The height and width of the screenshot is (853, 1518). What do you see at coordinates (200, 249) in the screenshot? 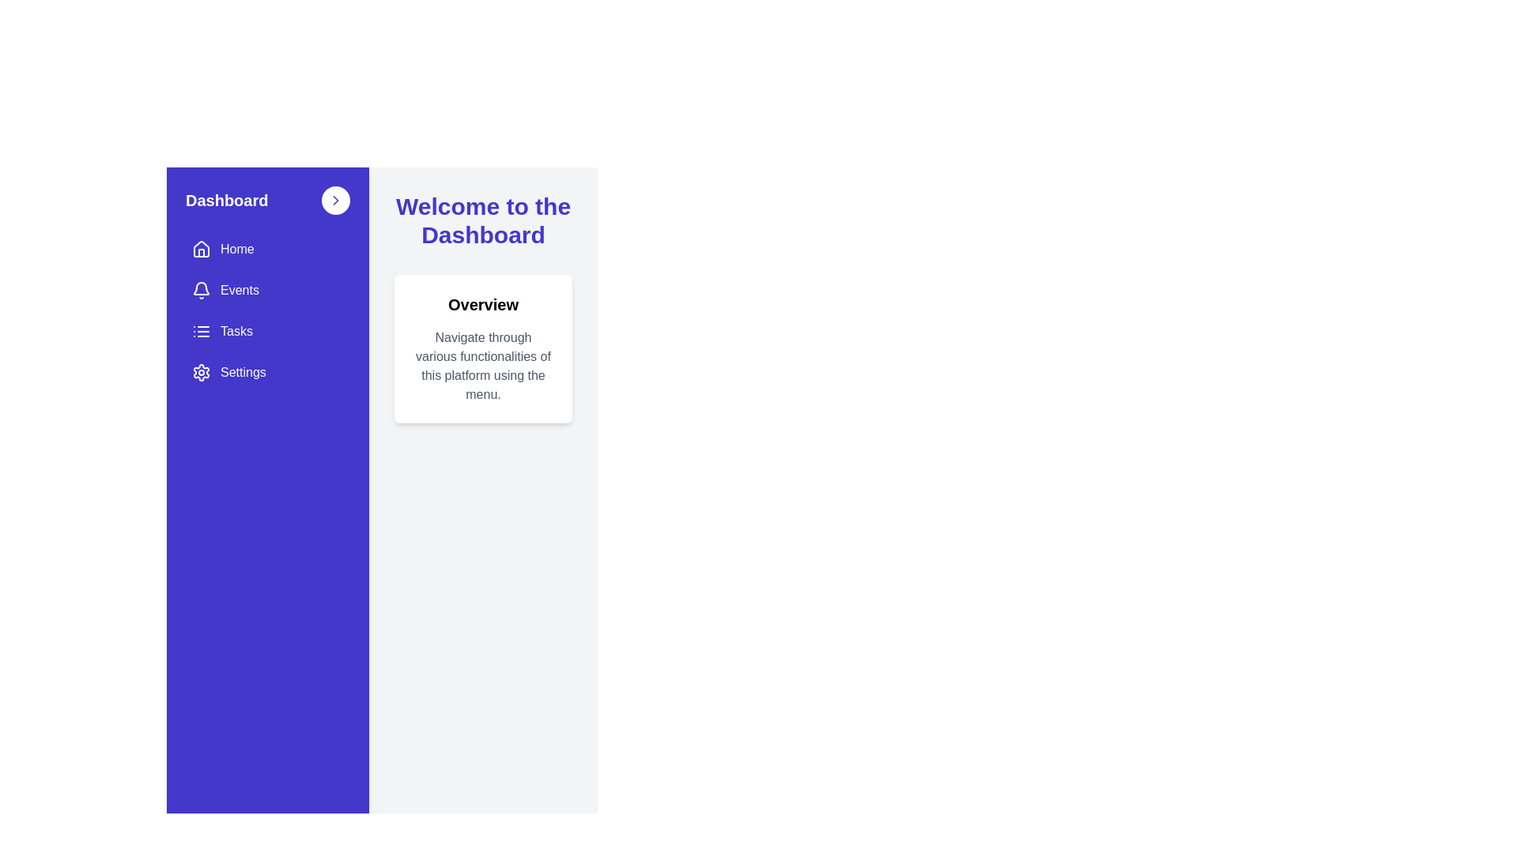
I see `the house icon located in the left-hand sidebar, adjacent to the text label 'Home'` at bounding box center [200, 249].